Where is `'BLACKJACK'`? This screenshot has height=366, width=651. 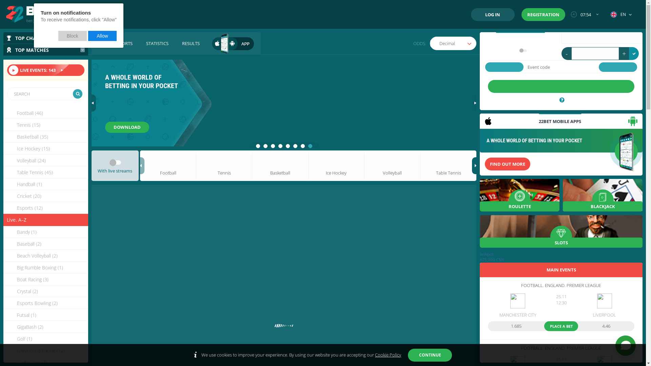 'BLACKJACK' is located at coordinates (603, 195).